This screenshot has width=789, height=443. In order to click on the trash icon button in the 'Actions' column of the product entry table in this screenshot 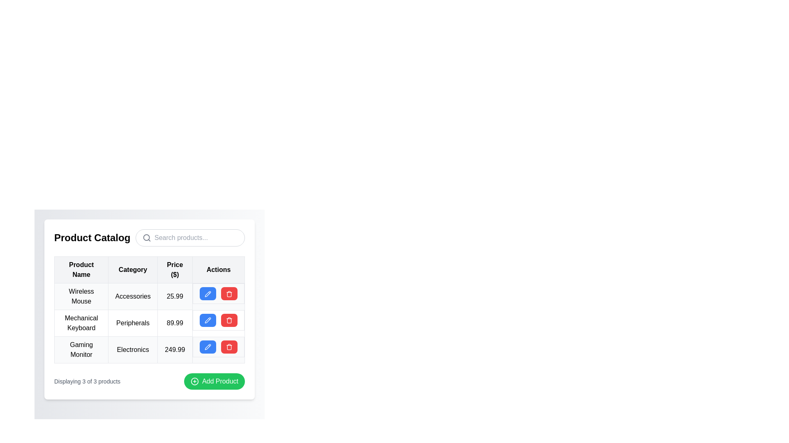, I will do `click(229, 347)`.